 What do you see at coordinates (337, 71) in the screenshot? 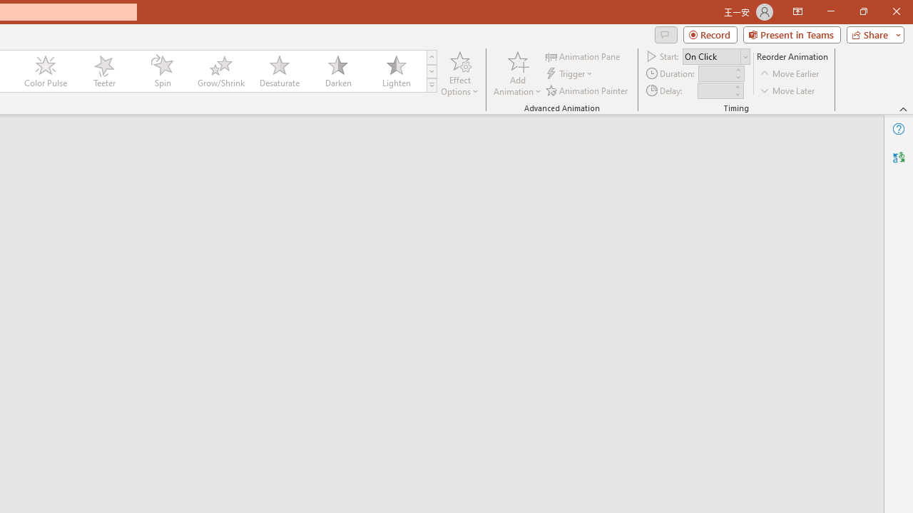
I see `'Darken'` at bounding box center [337, 71].